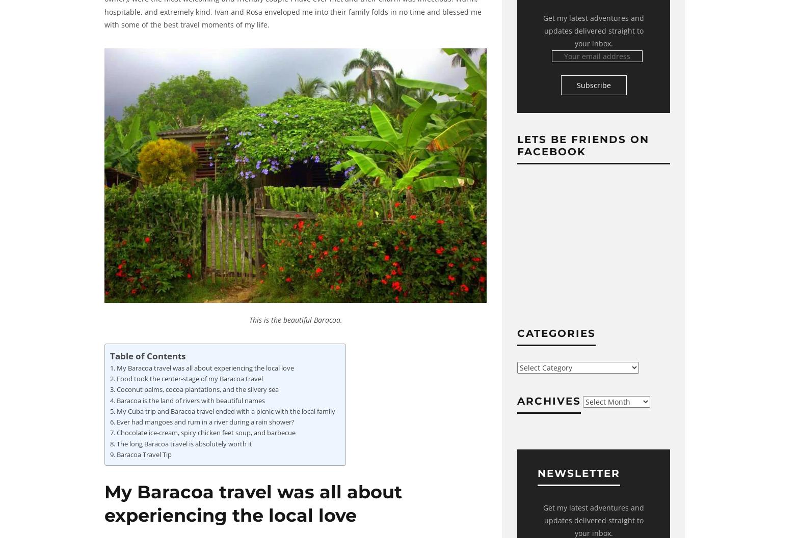  I want to click on 'Baracoa is the land of rivers with beautiful names', so click(190, 401).